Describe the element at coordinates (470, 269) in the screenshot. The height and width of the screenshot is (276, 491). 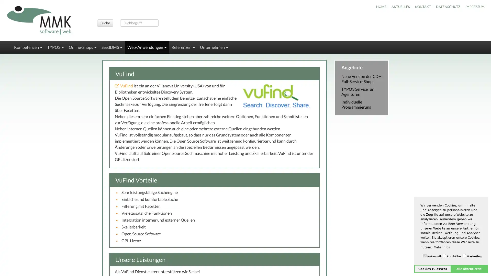
I see `dismiss cookies` at that location.